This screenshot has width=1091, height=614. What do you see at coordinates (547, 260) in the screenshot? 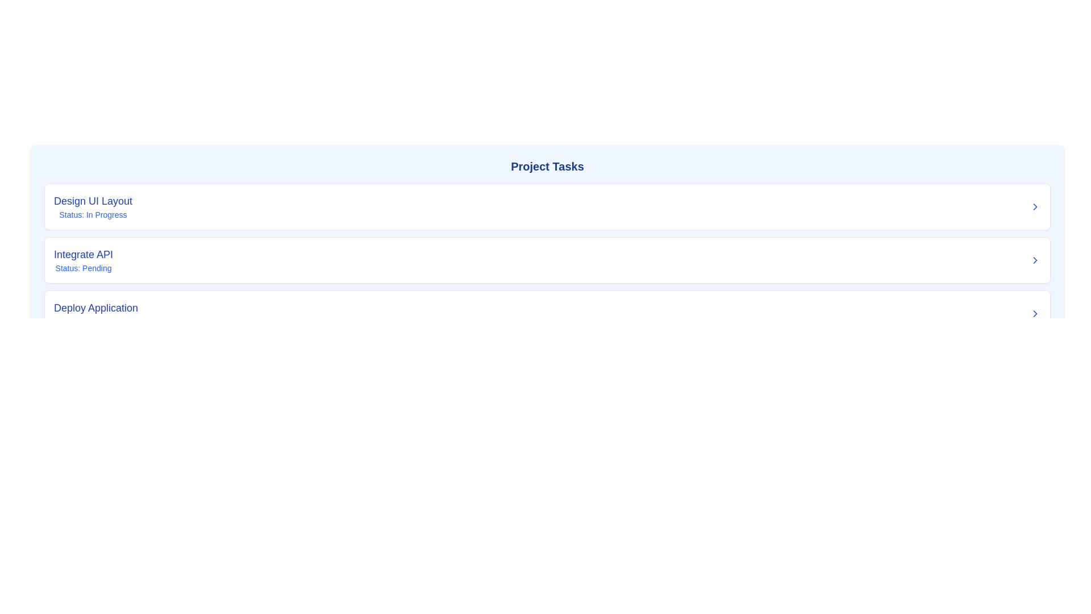
I see `the task item displaying 'Integrate API' with status 'Pending'` at bounding box center [547, 260].